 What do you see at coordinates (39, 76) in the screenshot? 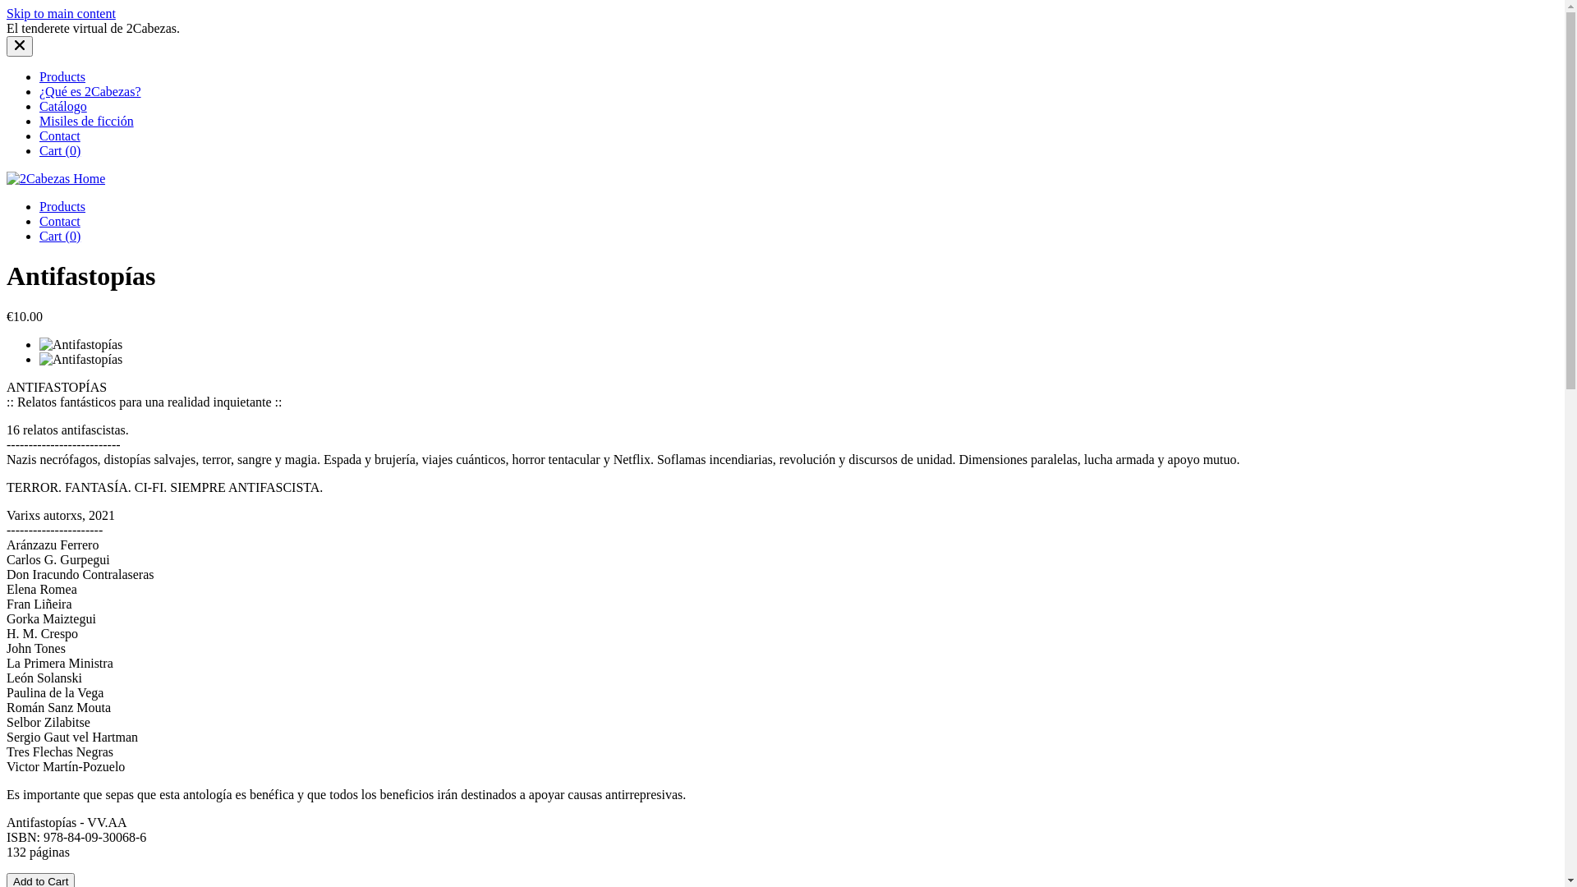
I see `'Products'` at bounding box center [39, 76].